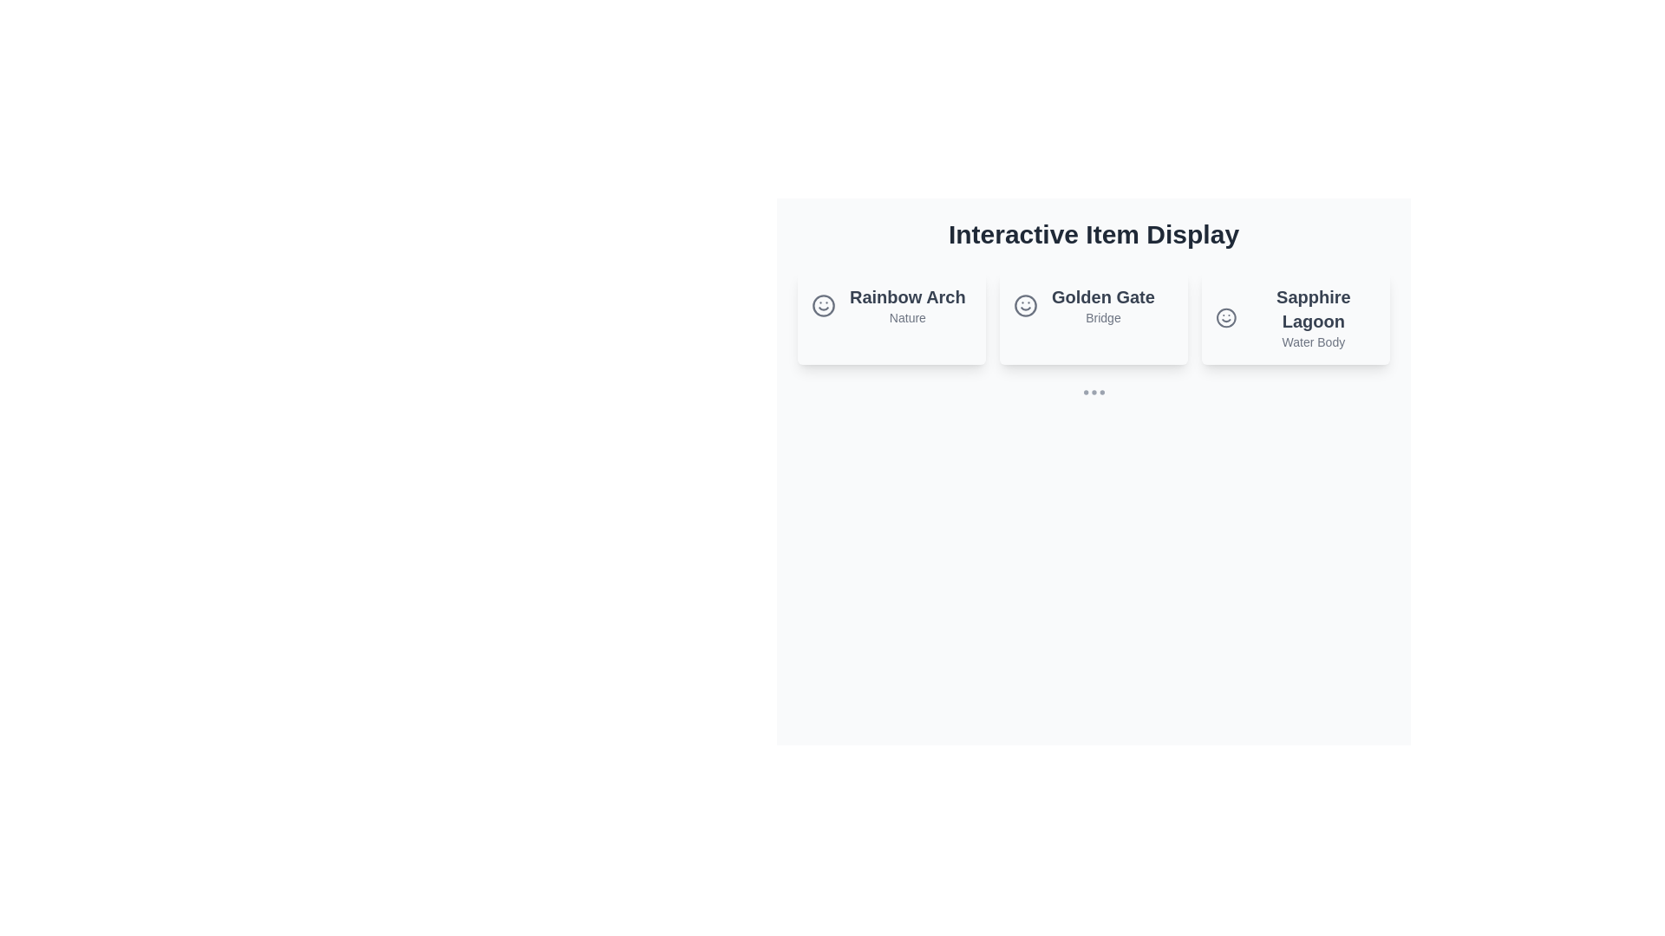 The height and width of the screenshot is (936, 1665). What do you see at coordinates (906, 317) in the screenshot?
I see `text label displaying 'Nature' located below the heading 'Rainbow Arch' within the leftmost card of a three-card layout` at bounding box center [906, 317].